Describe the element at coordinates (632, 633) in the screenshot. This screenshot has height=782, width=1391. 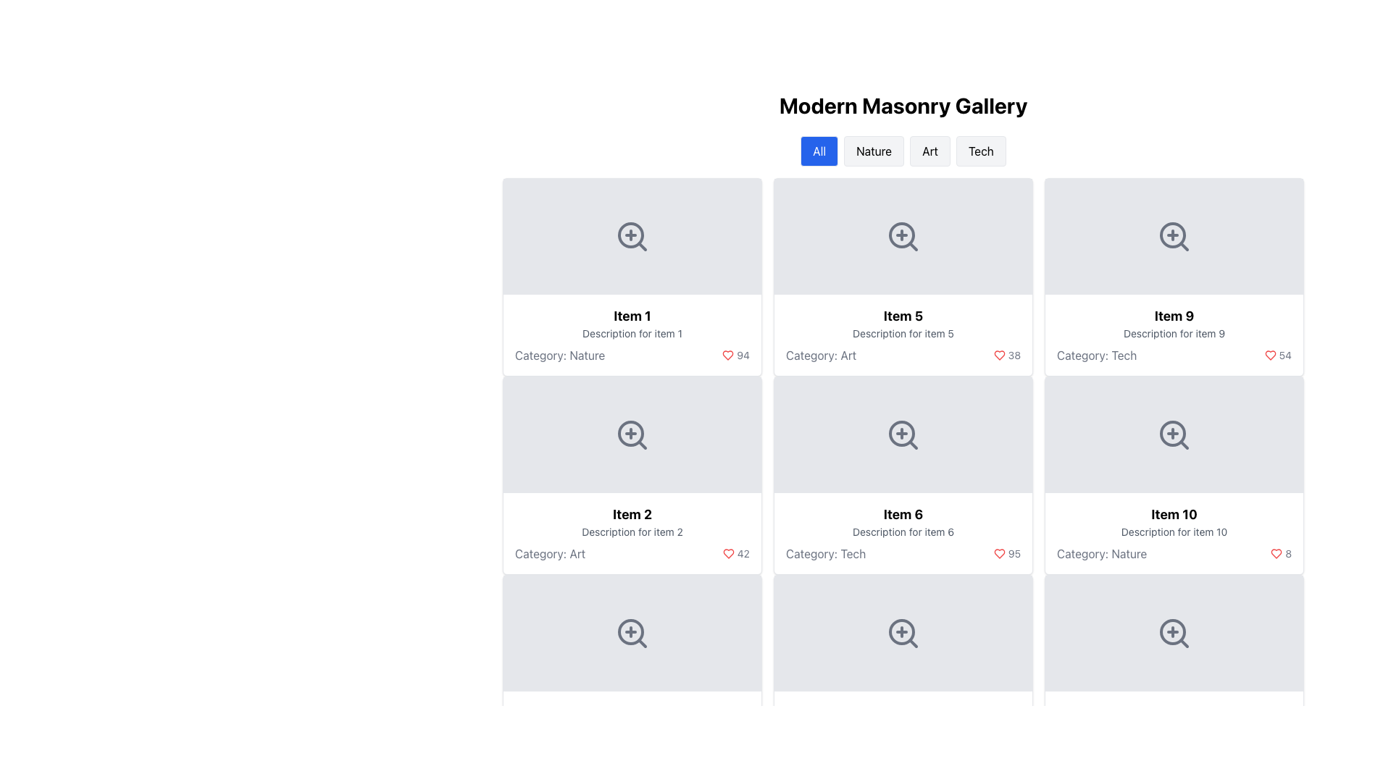
I see `the interactive card with an icon located in the bottom-left section of the grid layout, beneath 'Item 2' and above 'Item 3'` at that location.